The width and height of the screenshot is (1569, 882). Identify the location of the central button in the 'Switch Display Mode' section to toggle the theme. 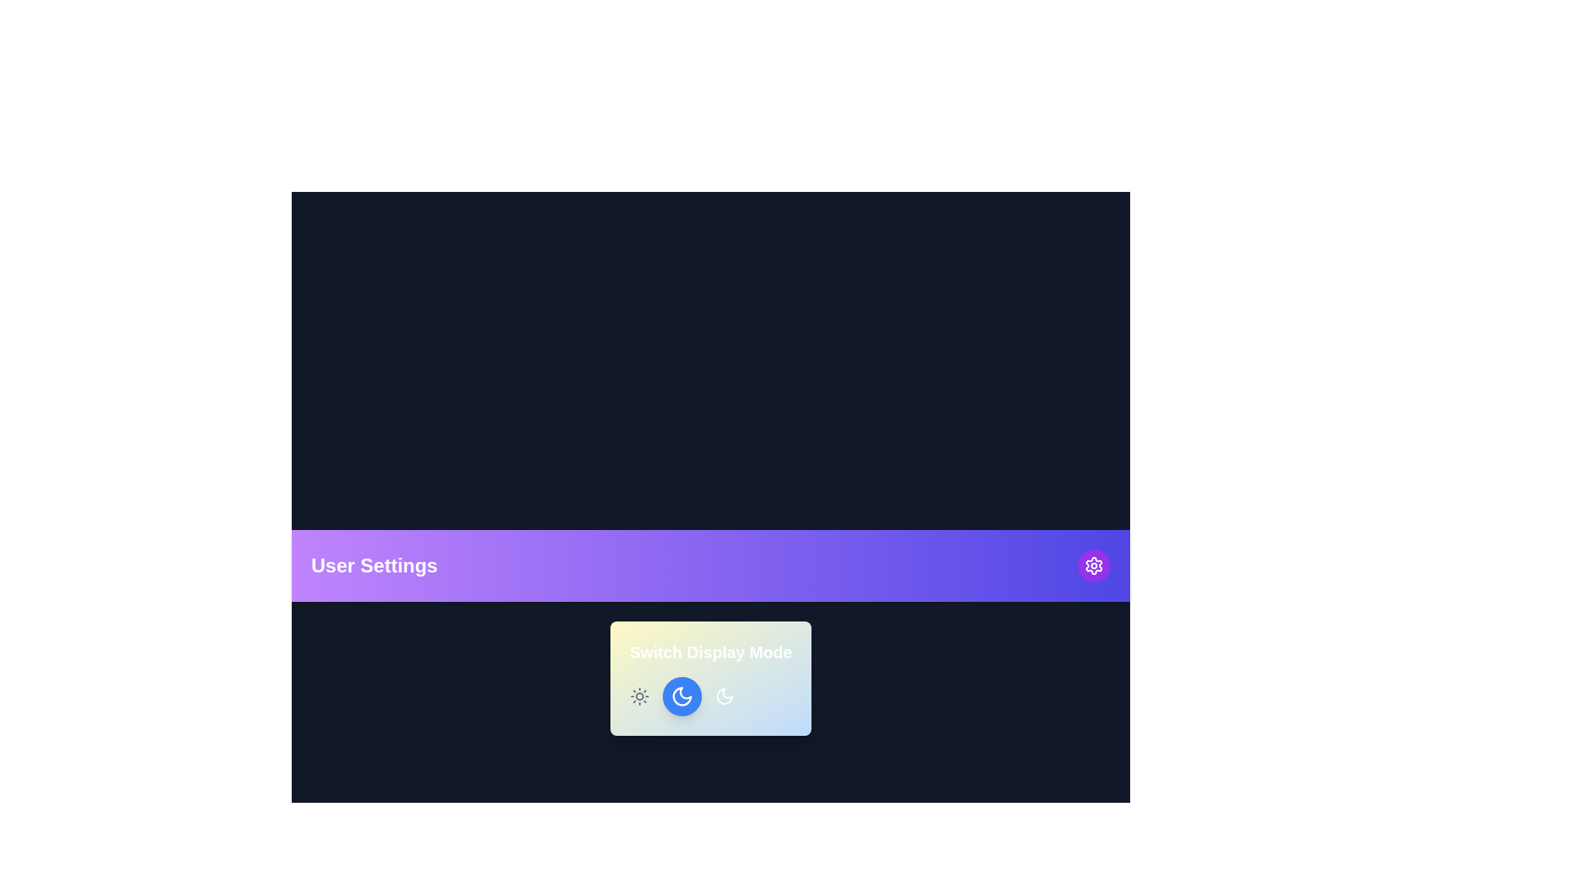
(682, 696).